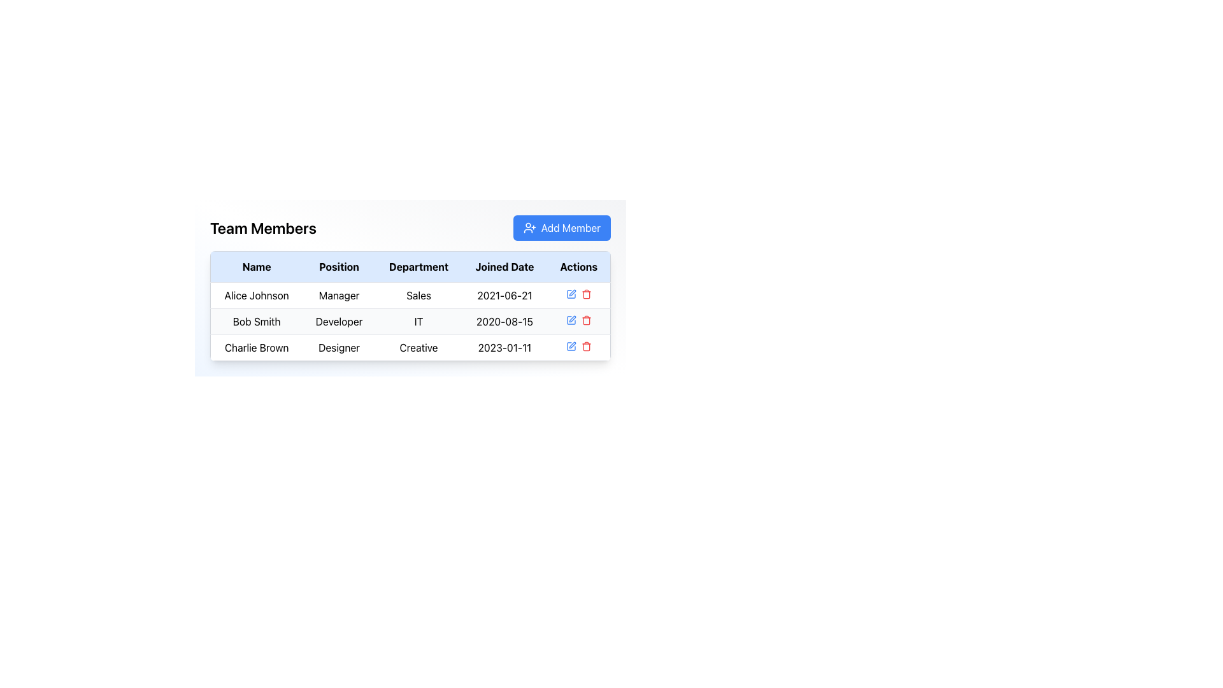  Describe the element at coordinates (410, 295) in the screenshot. I see `the first row of the table displaying team member information` at that location.